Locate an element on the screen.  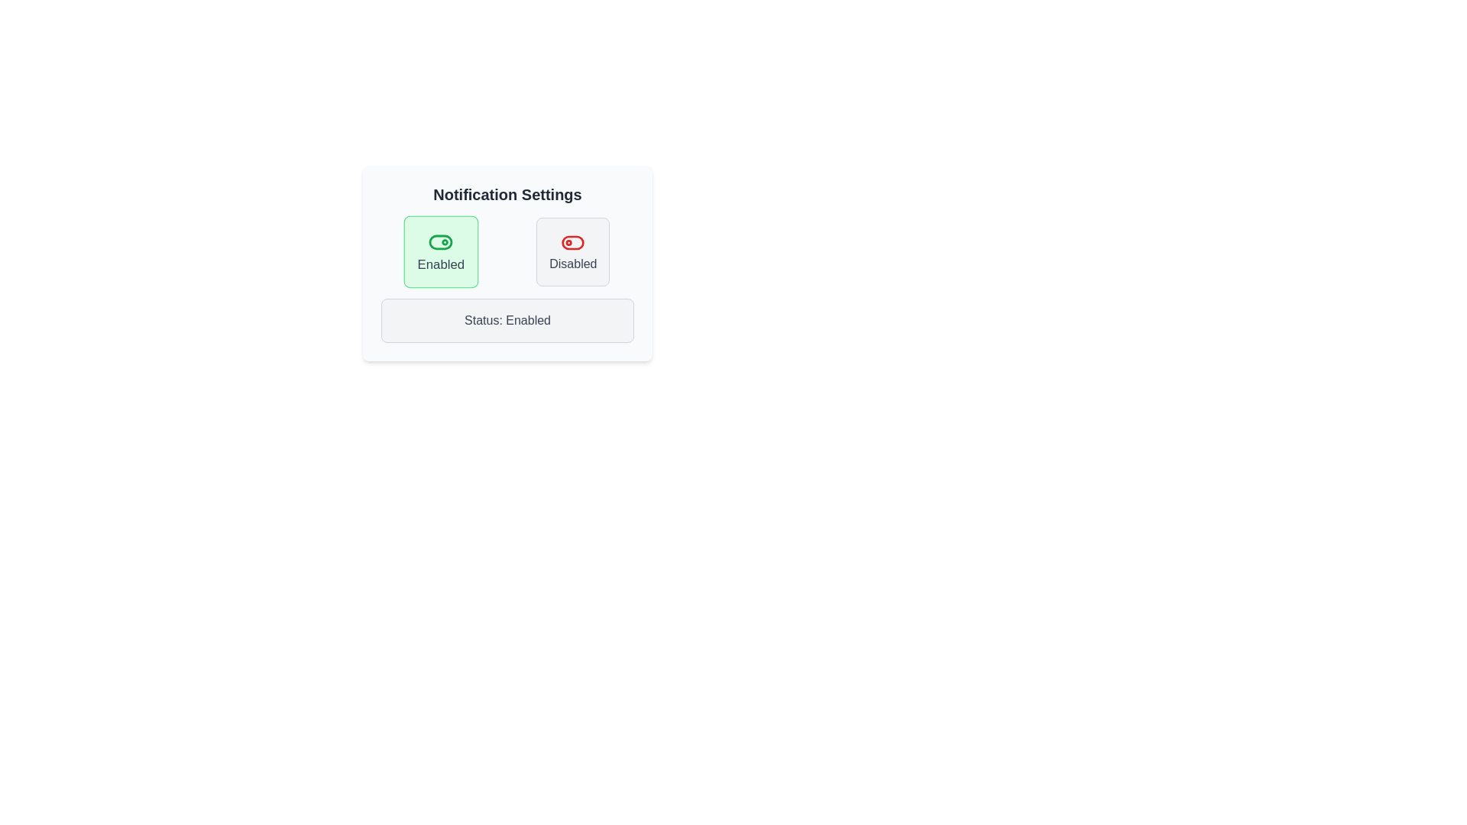
the Decorative background of the 'Enabled' toggle button, which visually represents the background or frame of the toggle switch is located at coordinates (439, 241).